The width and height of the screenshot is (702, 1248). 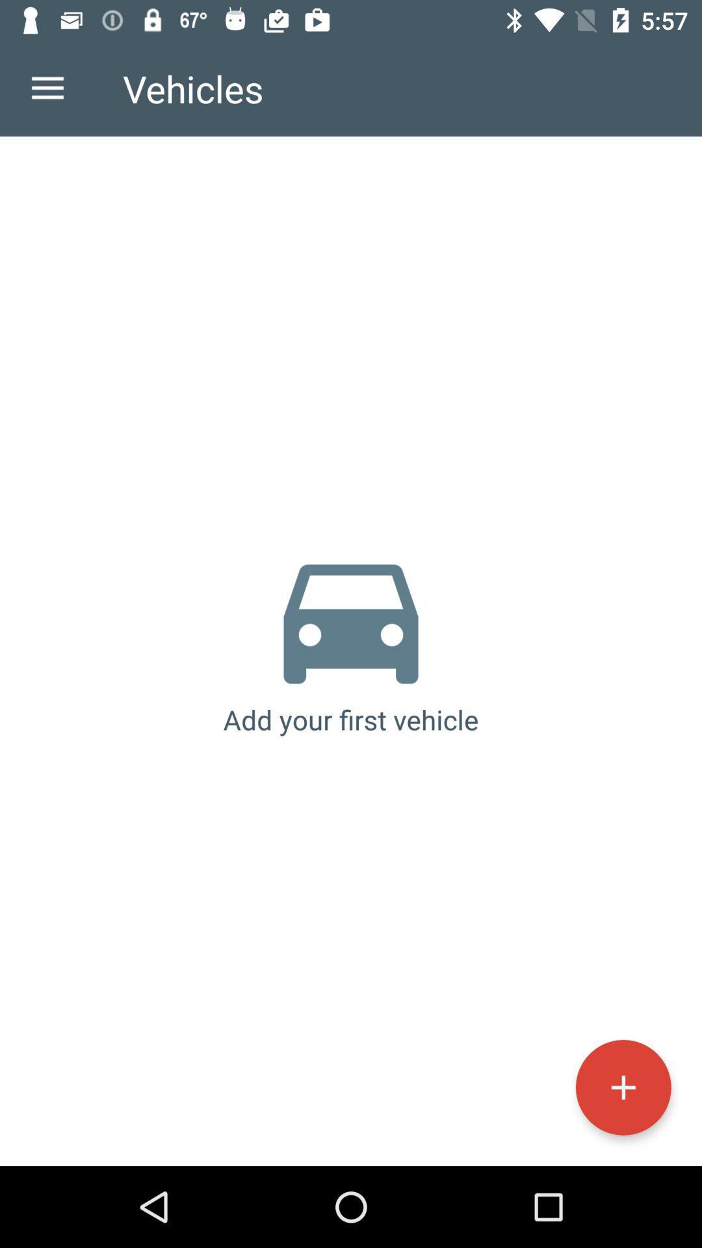 What do you see at coordinates (623, 1087) in the screenshot?
I see `the button is used to add` at bounding box center [623, 1087].